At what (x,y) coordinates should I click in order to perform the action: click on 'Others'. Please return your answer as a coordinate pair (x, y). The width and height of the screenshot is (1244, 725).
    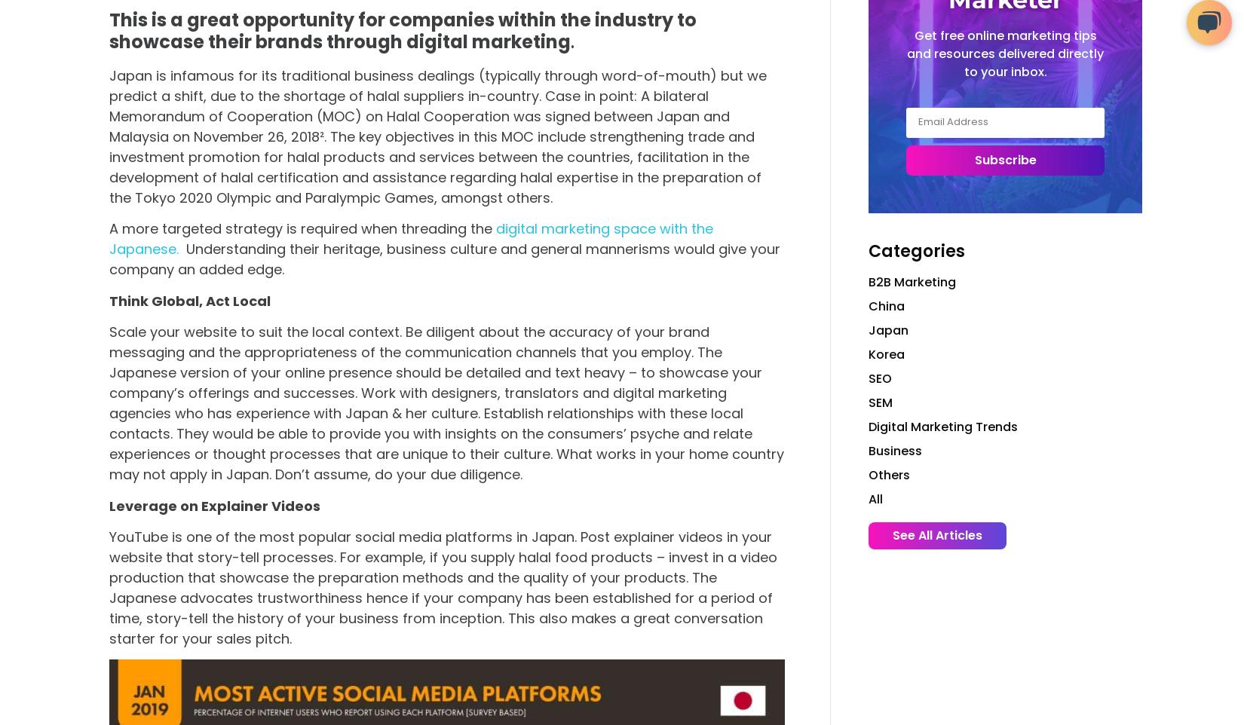
    Looking at the image, I should click on (889, 474).